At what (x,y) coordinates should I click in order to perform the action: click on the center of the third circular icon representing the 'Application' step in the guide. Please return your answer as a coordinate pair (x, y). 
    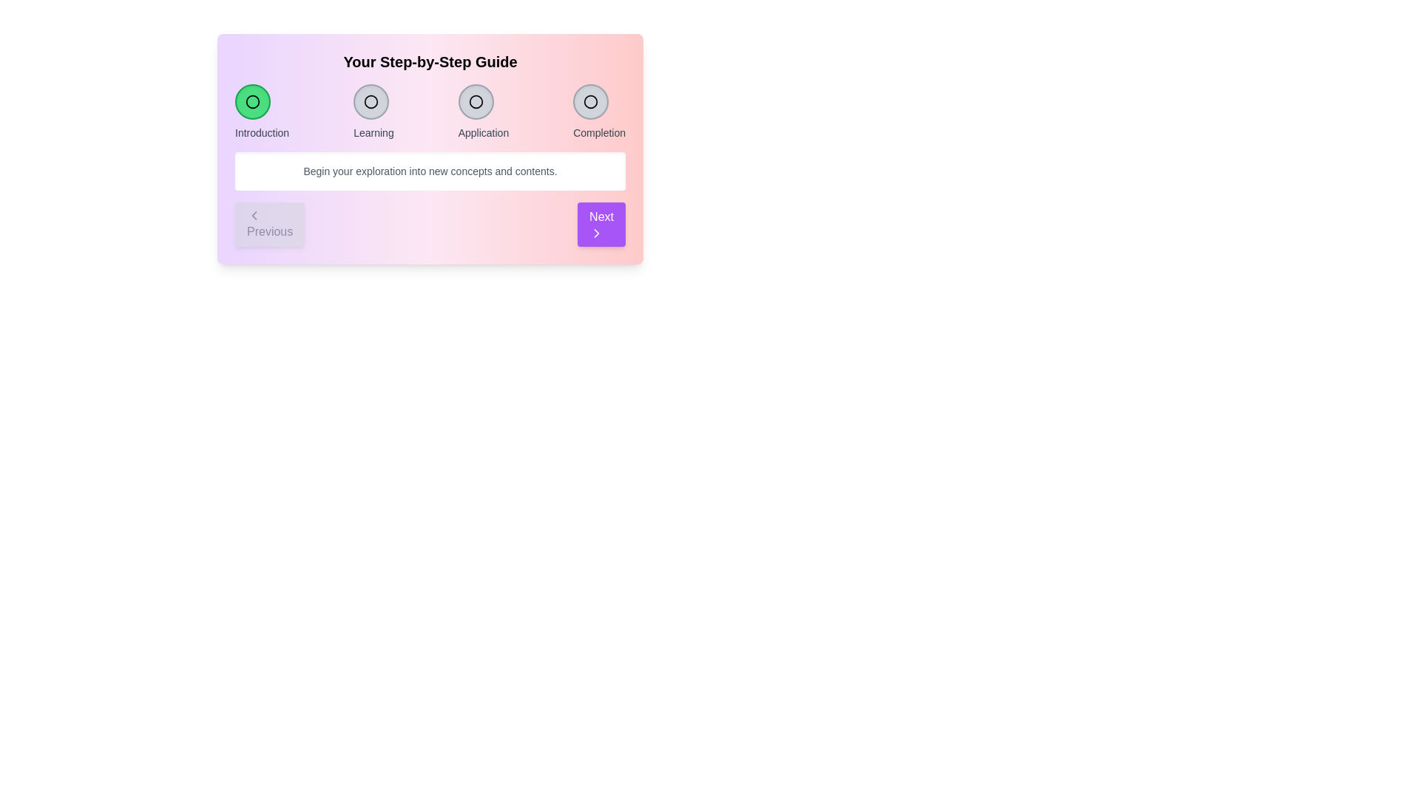
    Looking at the image, I should click on (476, 101).